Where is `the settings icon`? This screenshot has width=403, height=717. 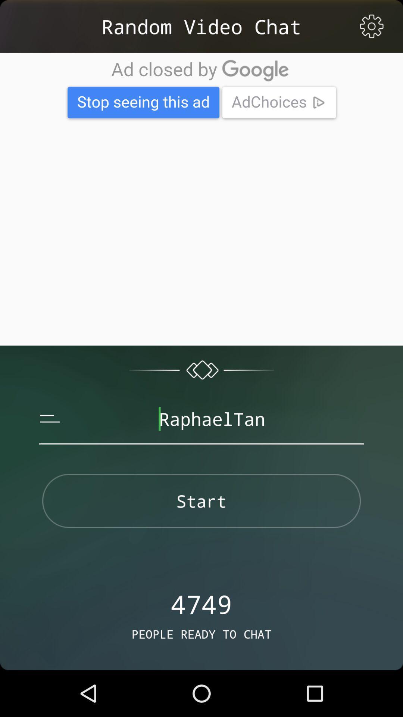 the settings icon is located at coordinates (371, 26).